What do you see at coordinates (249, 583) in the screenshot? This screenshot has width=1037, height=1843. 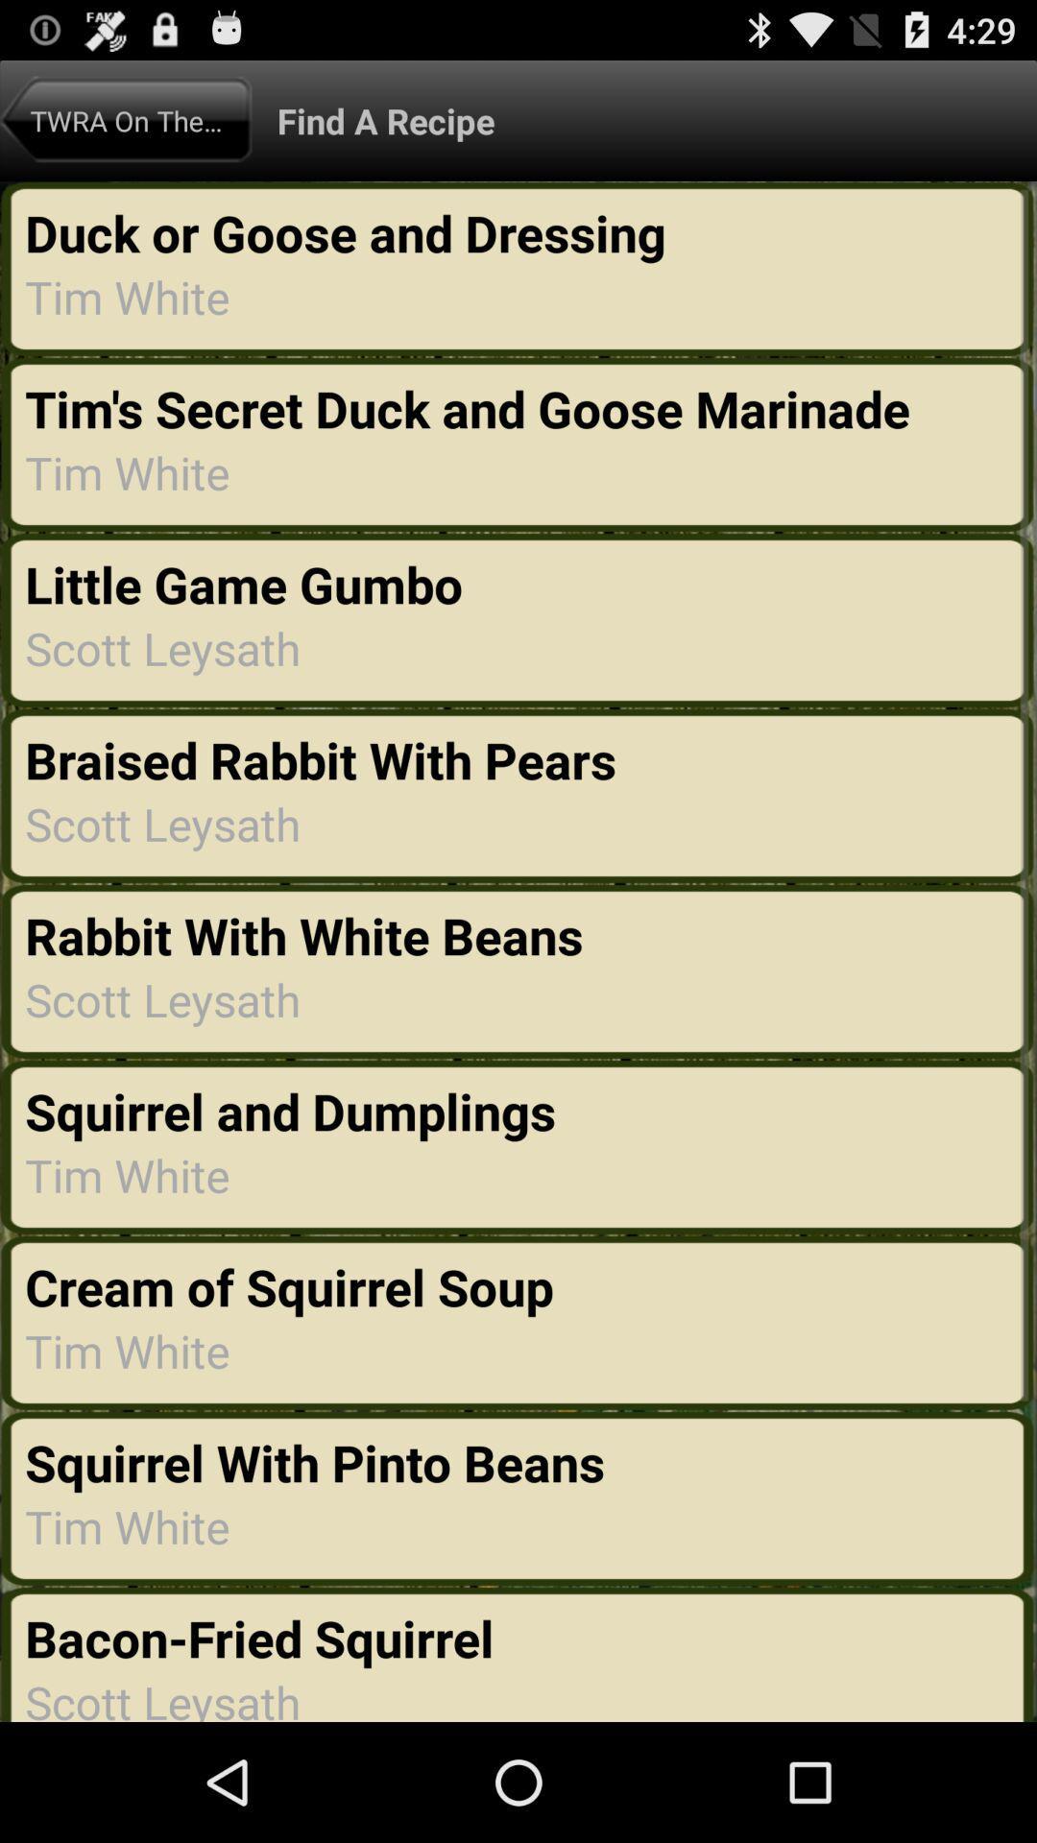 I see `item below tim white` at bounding box center [249, 583].